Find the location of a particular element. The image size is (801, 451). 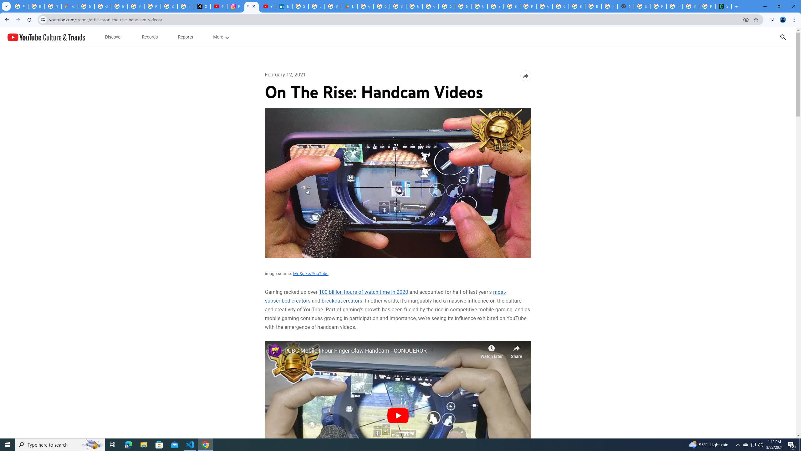

'breakout creators' is located at coordinates (342, 301).